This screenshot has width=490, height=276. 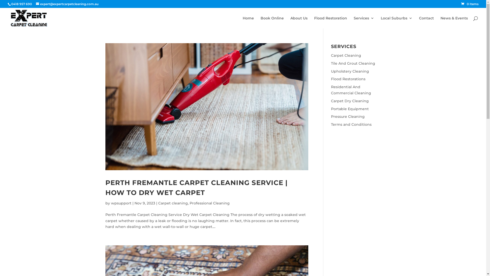 What do you see at coordinates (121, 203) in the screenshot?
I see `'wpsupport'` at bounding box center [121, 203].